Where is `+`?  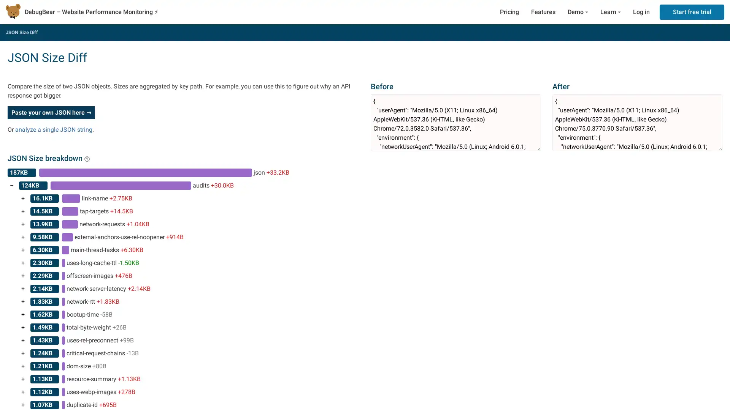 + is located at coordinates (23, 237).